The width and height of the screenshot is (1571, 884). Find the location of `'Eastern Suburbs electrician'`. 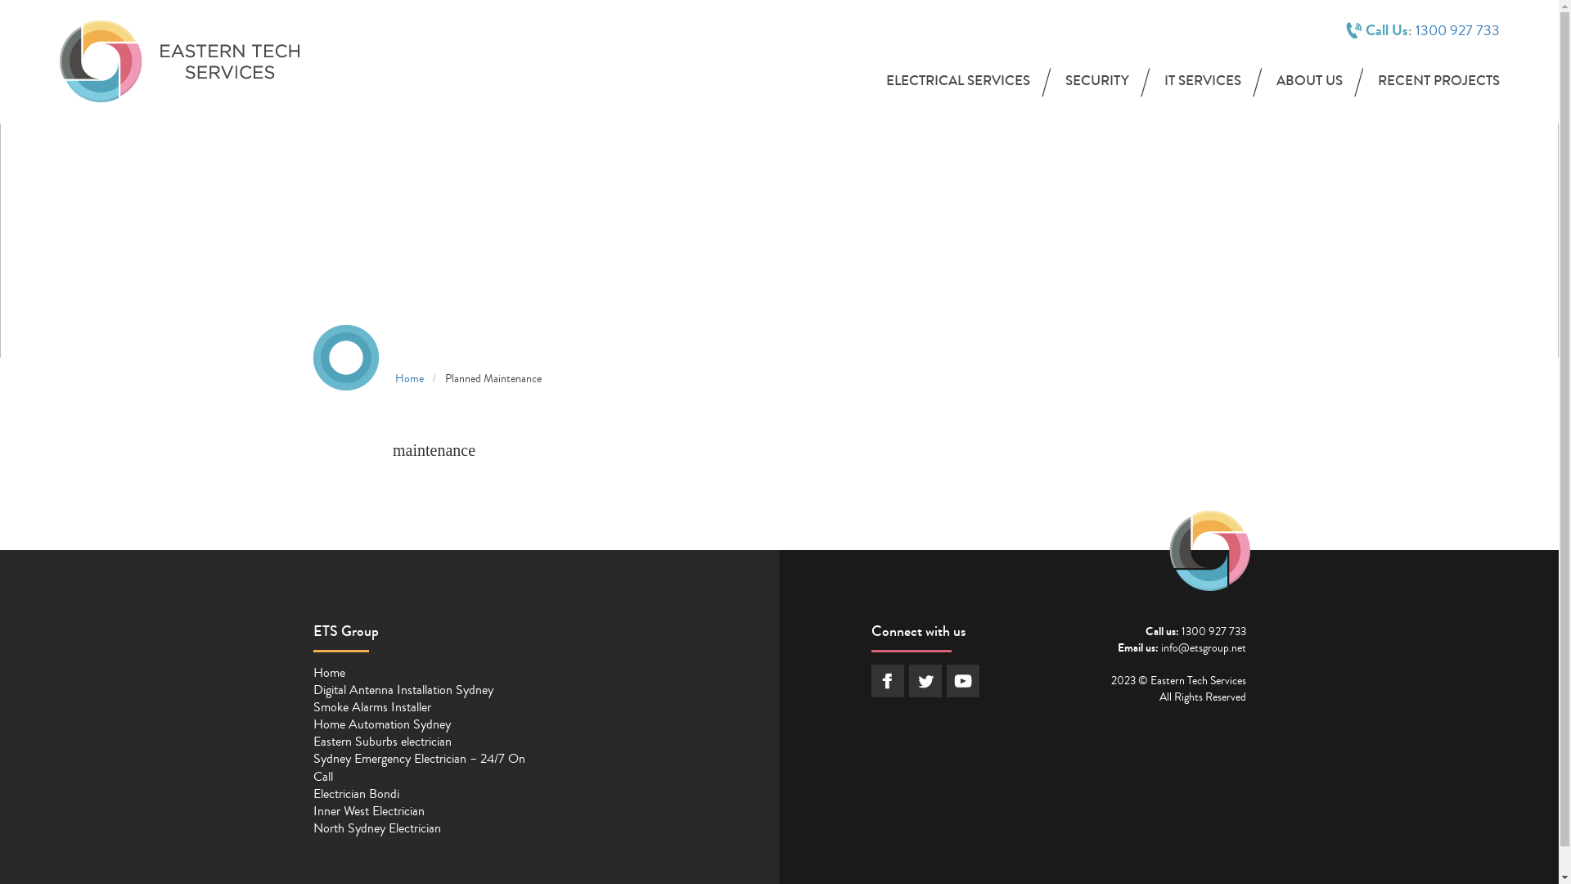

'Eastern Suburbs electrician' is located at coordinates (380, 742).